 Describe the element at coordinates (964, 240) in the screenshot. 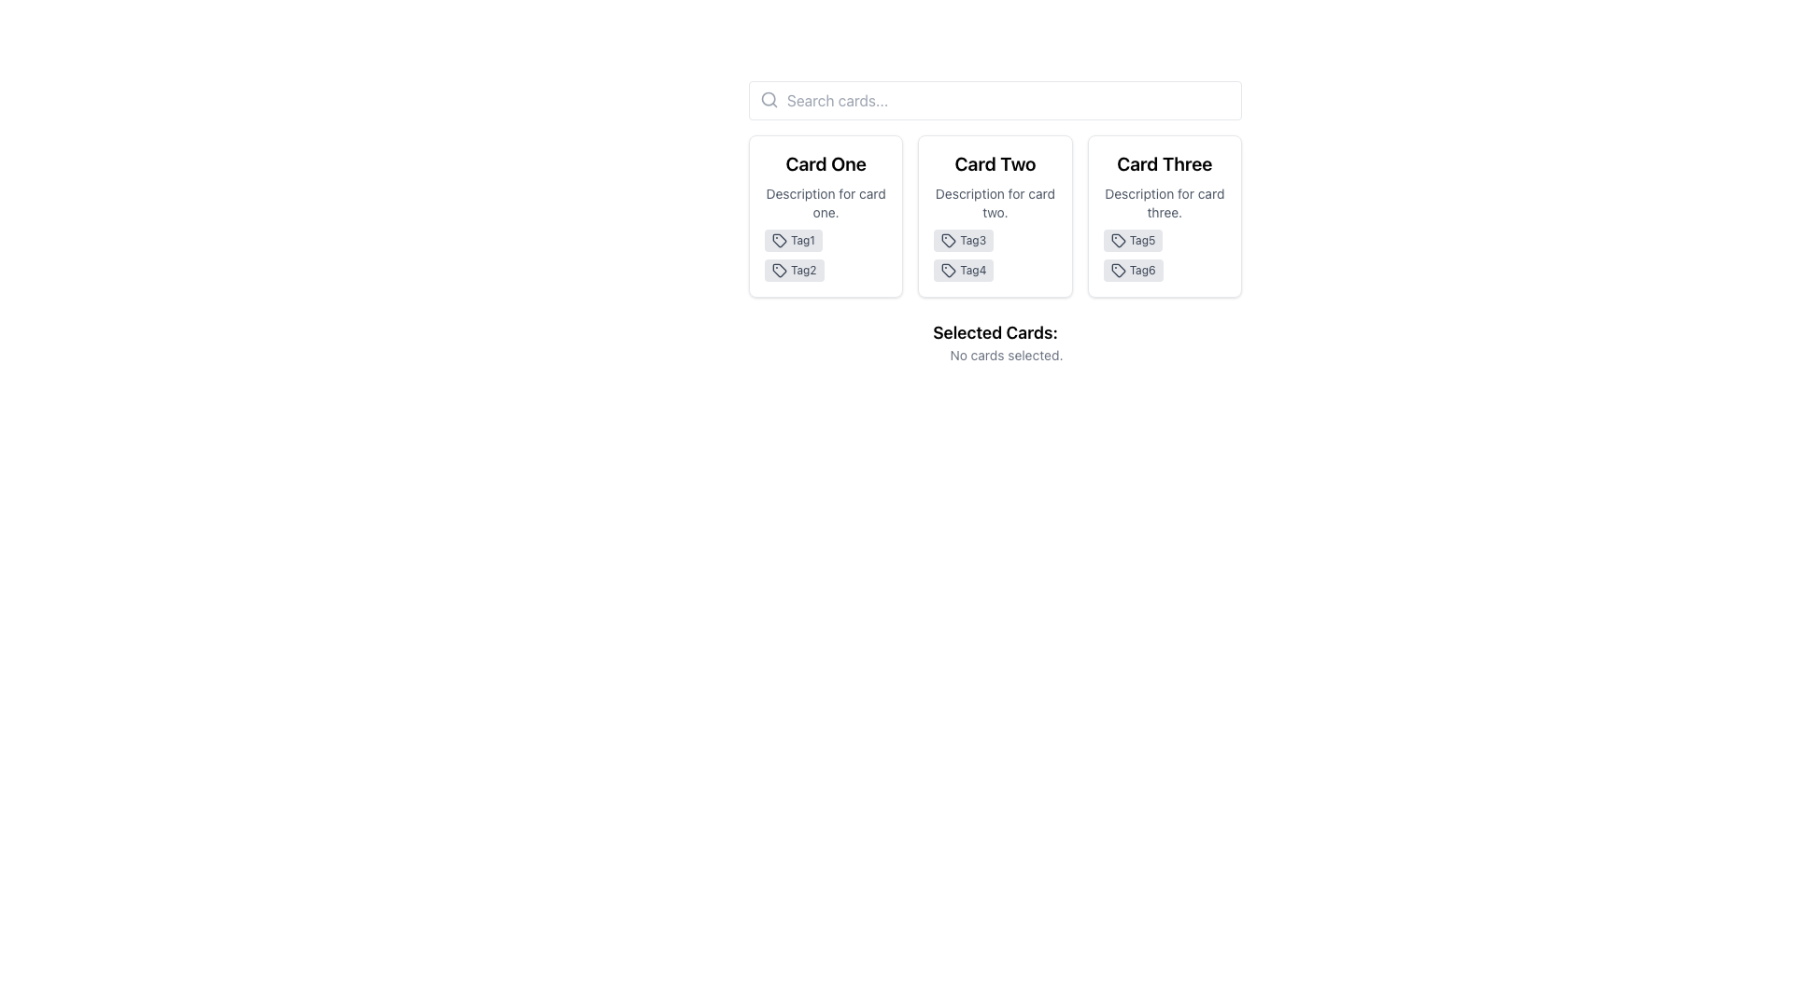

I see `the tag indicator labeled 'Tag3' with a light gray background and dark gray text, positioned within 'Card Two'` at that location.